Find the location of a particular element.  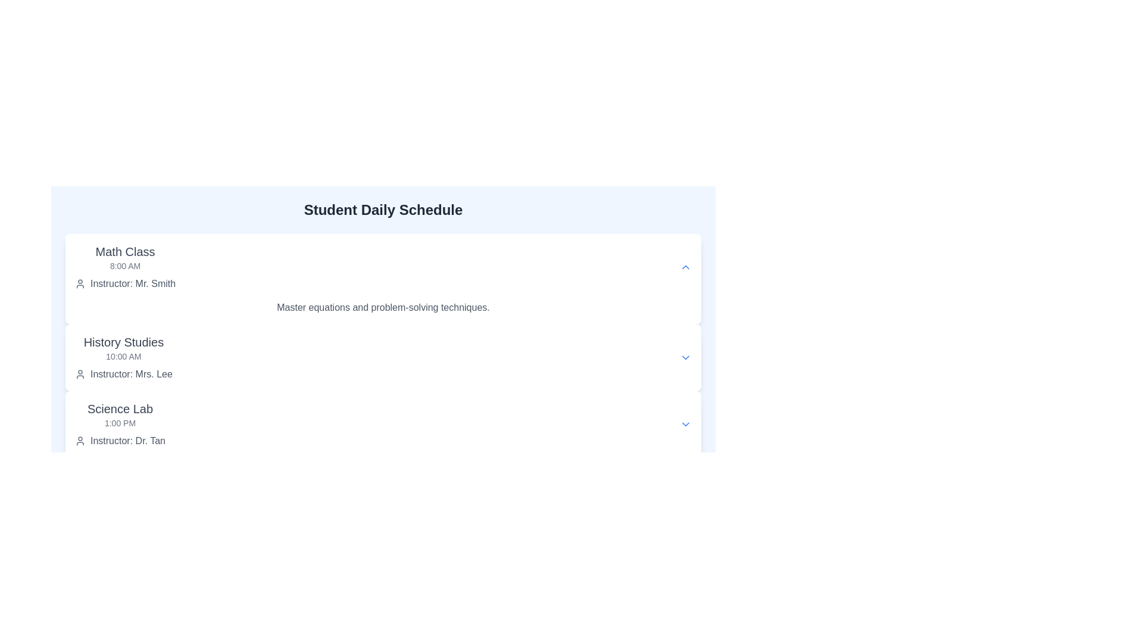

the text label that indicates the scheduled time for the Math Class, which is positioned below the title 'Math Class' and above the instructor information 'Instructor: Mr. Smith' is located at coordinates (125, 266).